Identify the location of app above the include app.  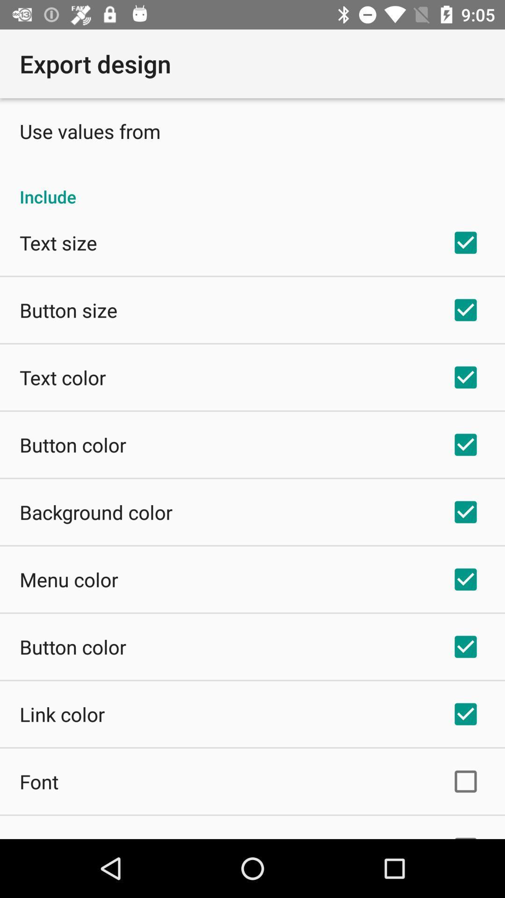
(90, 130).